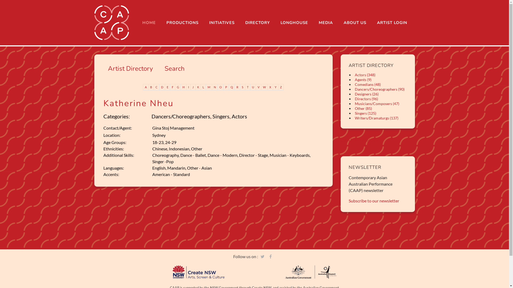 The height and width of the screenshot is (288, 513). Describe the element at coordinates (151, 87) in the screenshot. I see `'B'` at that location.